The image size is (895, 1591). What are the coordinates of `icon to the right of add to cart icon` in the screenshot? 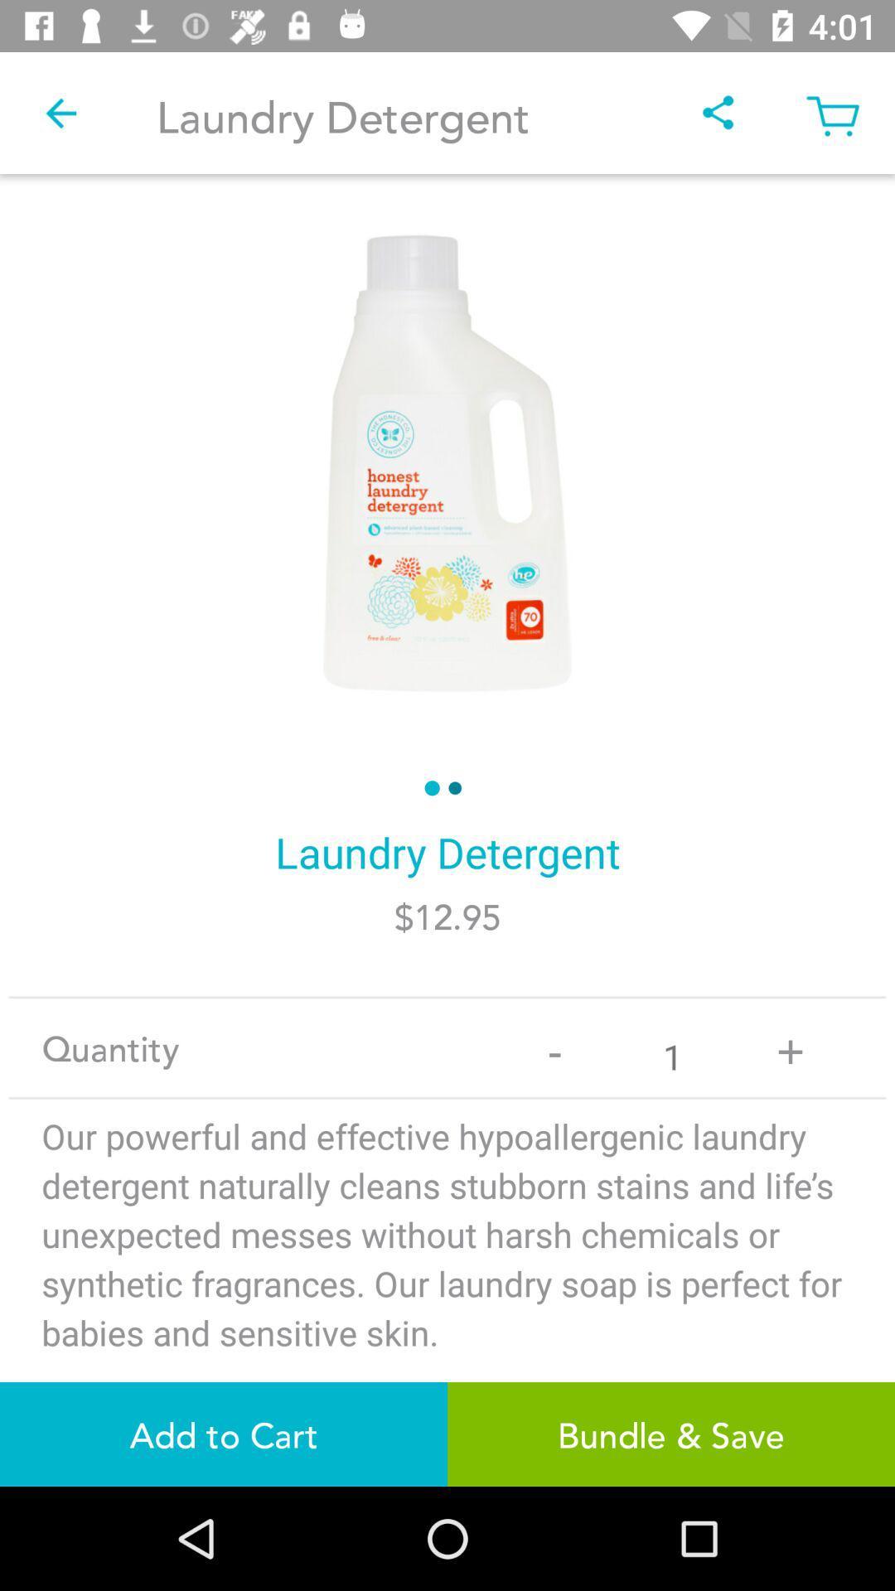 It's located at (671, 1434).